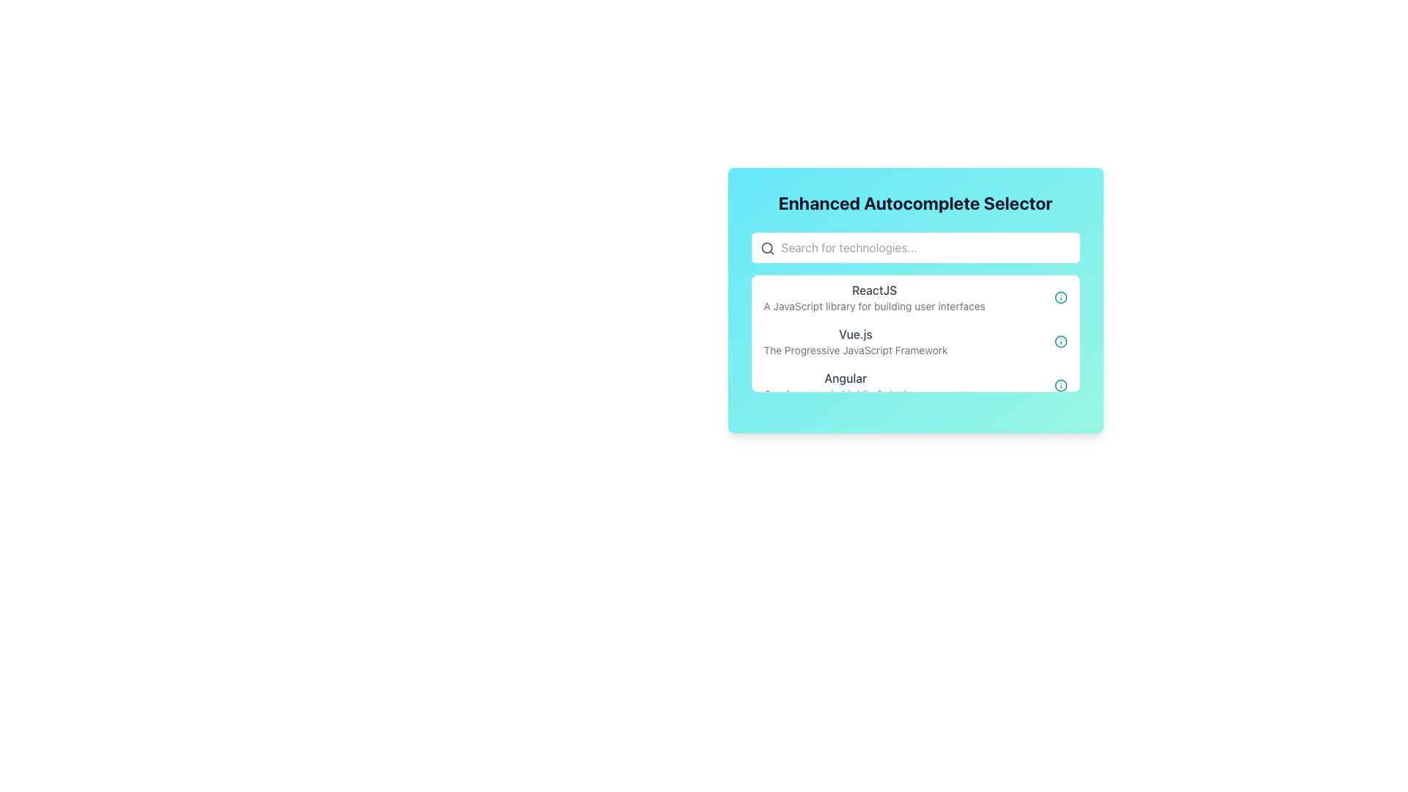  I want to click on the first item, so click(914, 297).